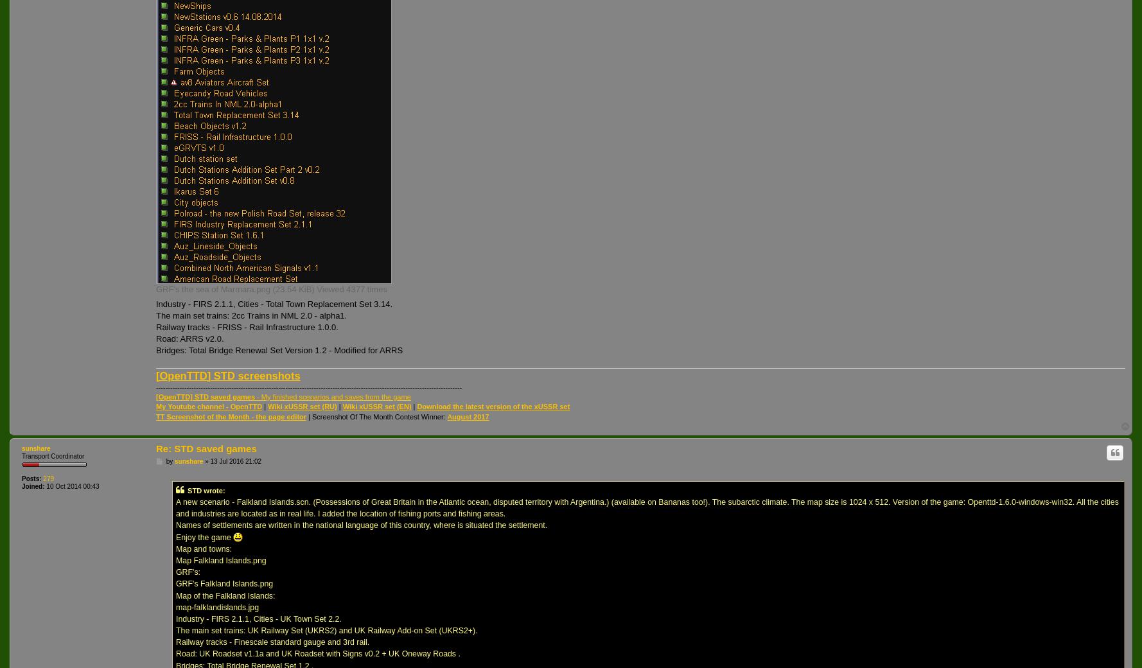 This screenshot has width=1142, height=668. Describe the element at coordinates (52, 456) in the screenshot. I see `'Transport Coordinator'` at that location.